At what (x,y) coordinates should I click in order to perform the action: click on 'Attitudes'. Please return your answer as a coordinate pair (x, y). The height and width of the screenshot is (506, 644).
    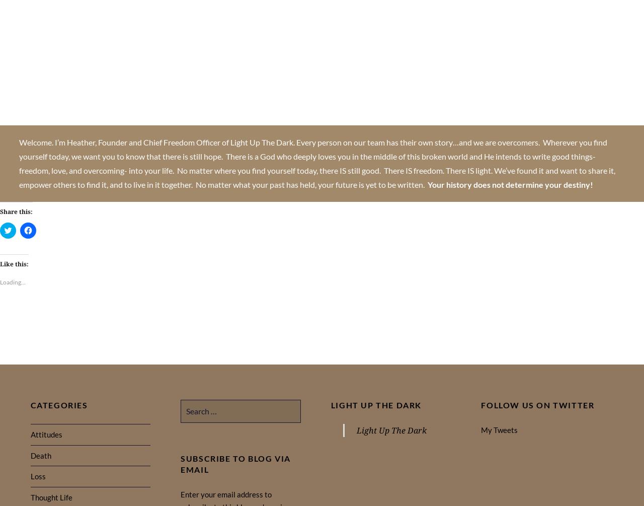
    Looking at the image, I should click on (45, 433).